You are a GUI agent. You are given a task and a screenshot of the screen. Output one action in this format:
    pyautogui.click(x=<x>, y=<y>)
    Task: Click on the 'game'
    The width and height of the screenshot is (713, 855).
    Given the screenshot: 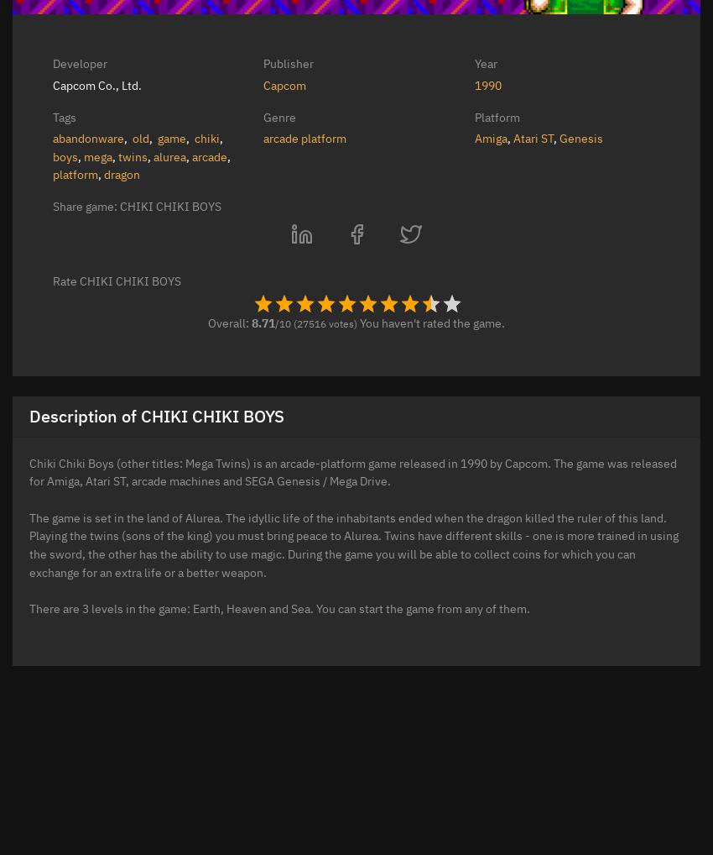 What is the action you would take?
    pyautogui.click(x=171, y=138)
    